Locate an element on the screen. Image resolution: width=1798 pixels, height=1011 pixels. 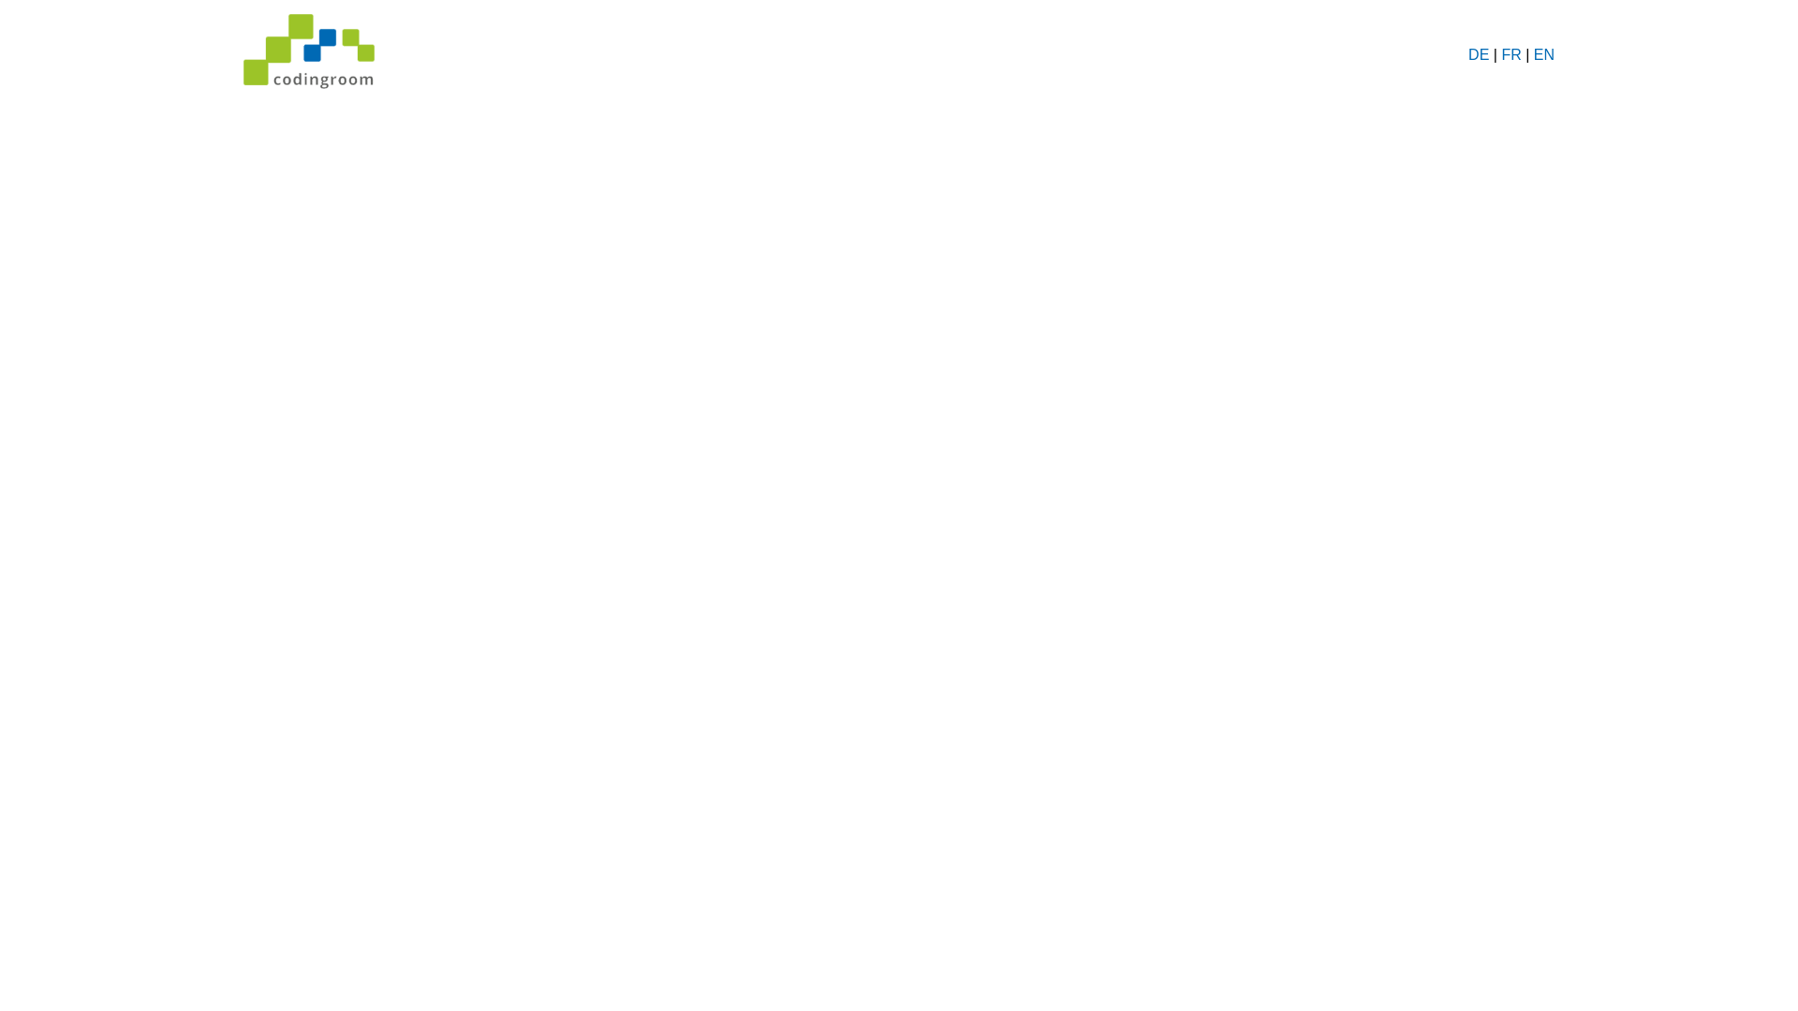
'EN' is located at coordinates (1544, 53).